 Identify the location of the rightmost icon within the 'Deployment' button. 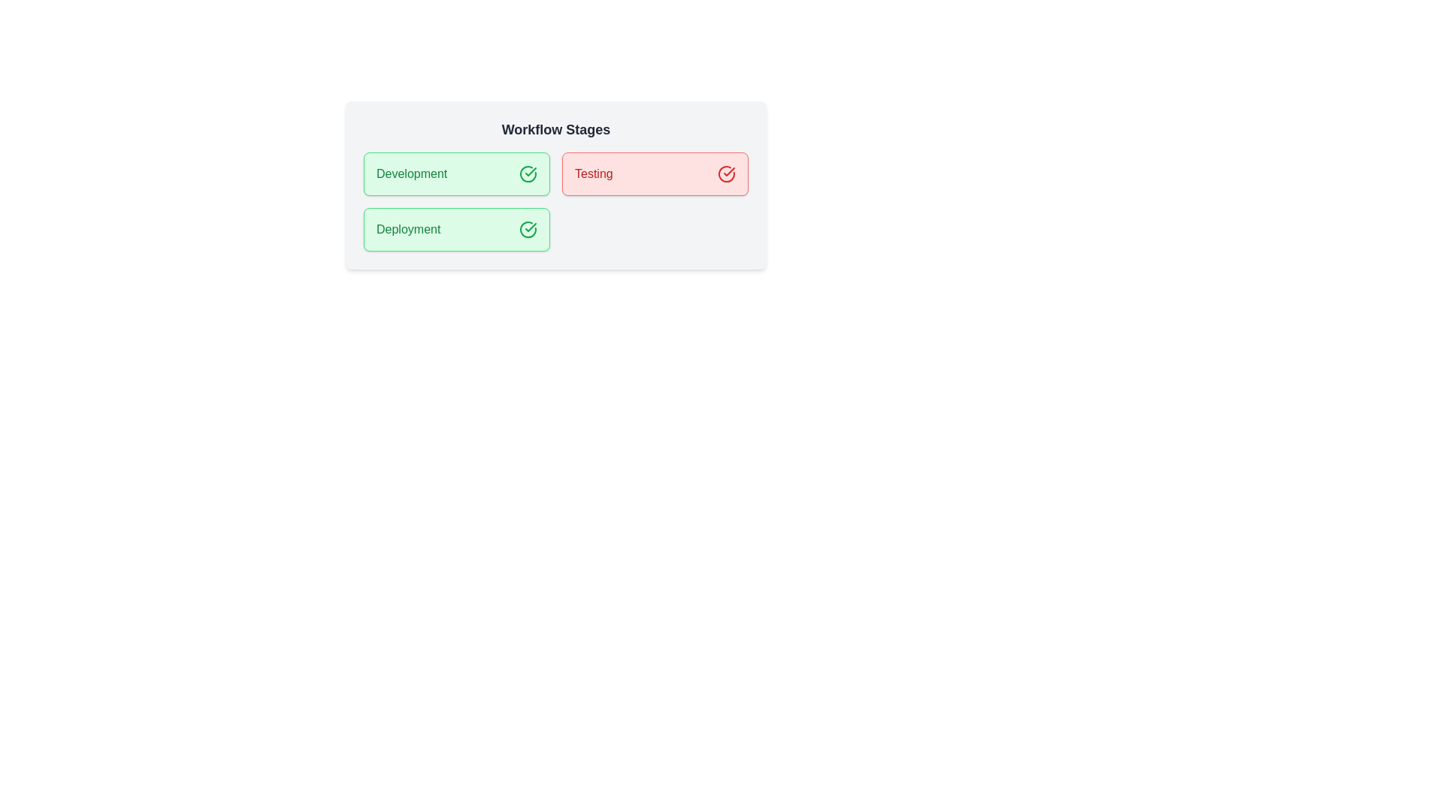
(528, 229).